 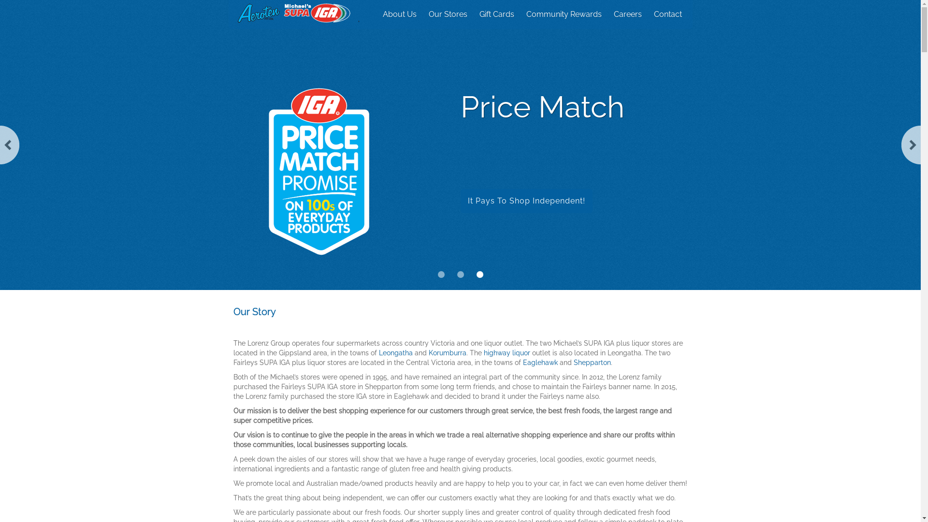 I want to click on 'About Us', so click(x=399, y=14).